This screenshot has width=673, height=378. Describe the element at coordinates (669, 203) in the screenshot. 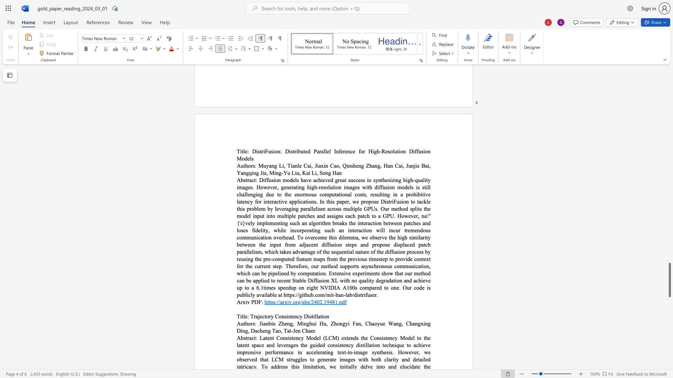

I see `the right-hand scrollbar to ascend the page` at that location.